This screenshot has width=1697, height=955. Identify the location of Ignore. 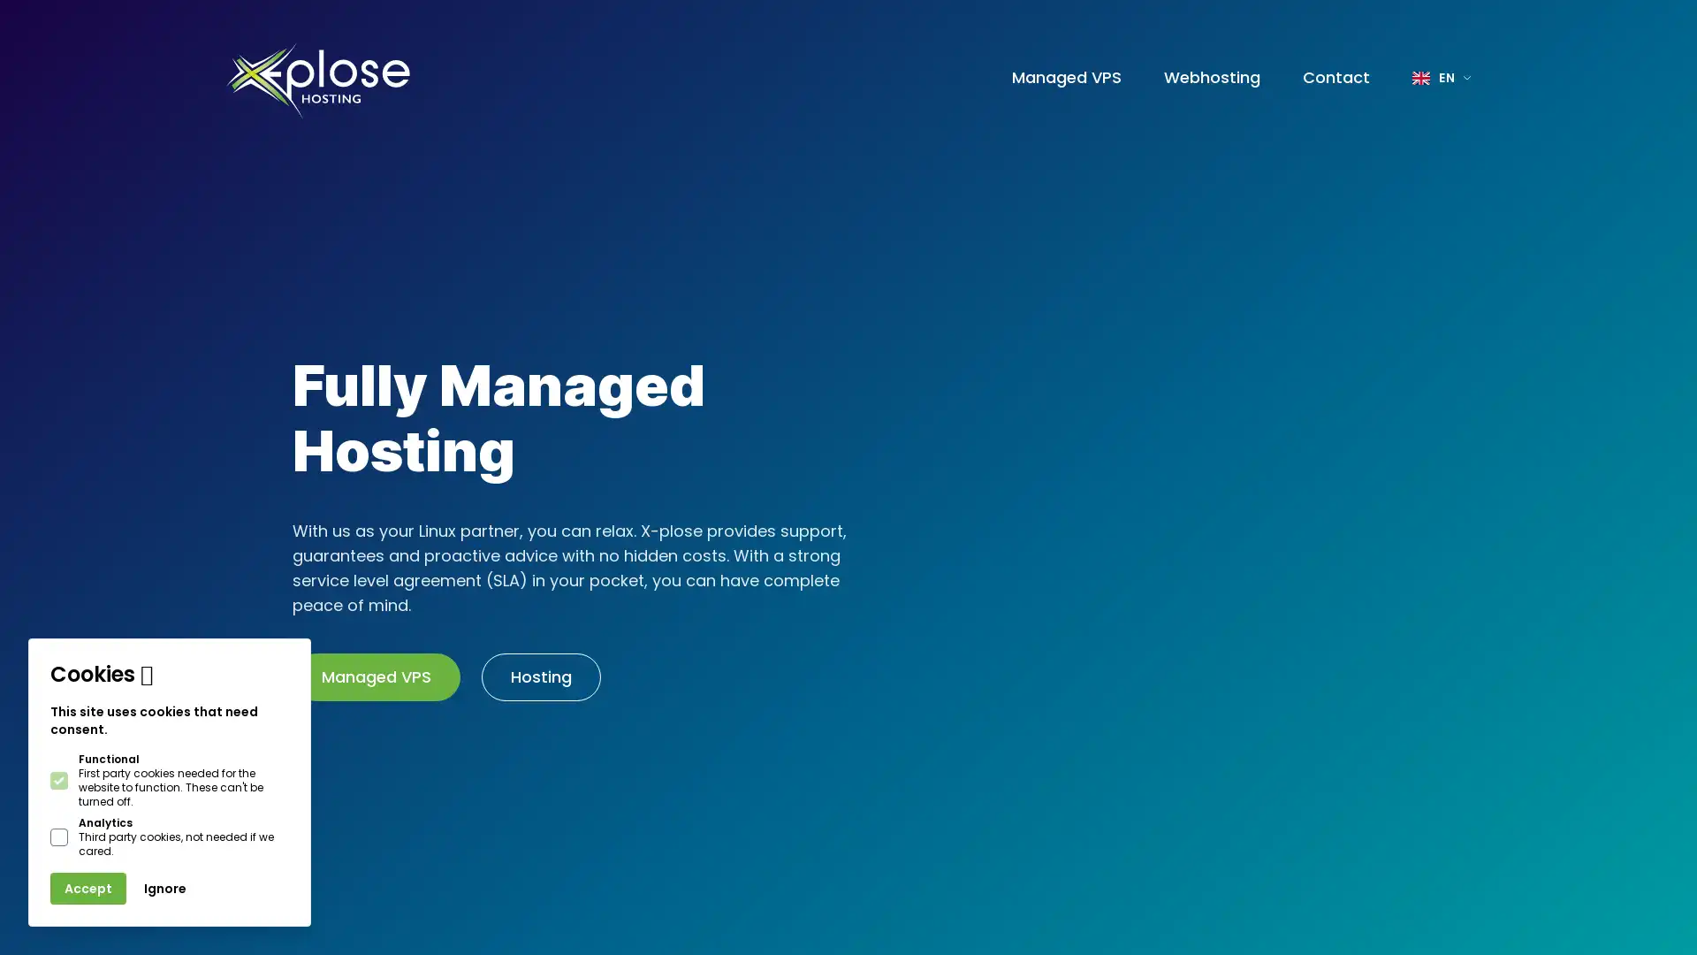
(165, 889).